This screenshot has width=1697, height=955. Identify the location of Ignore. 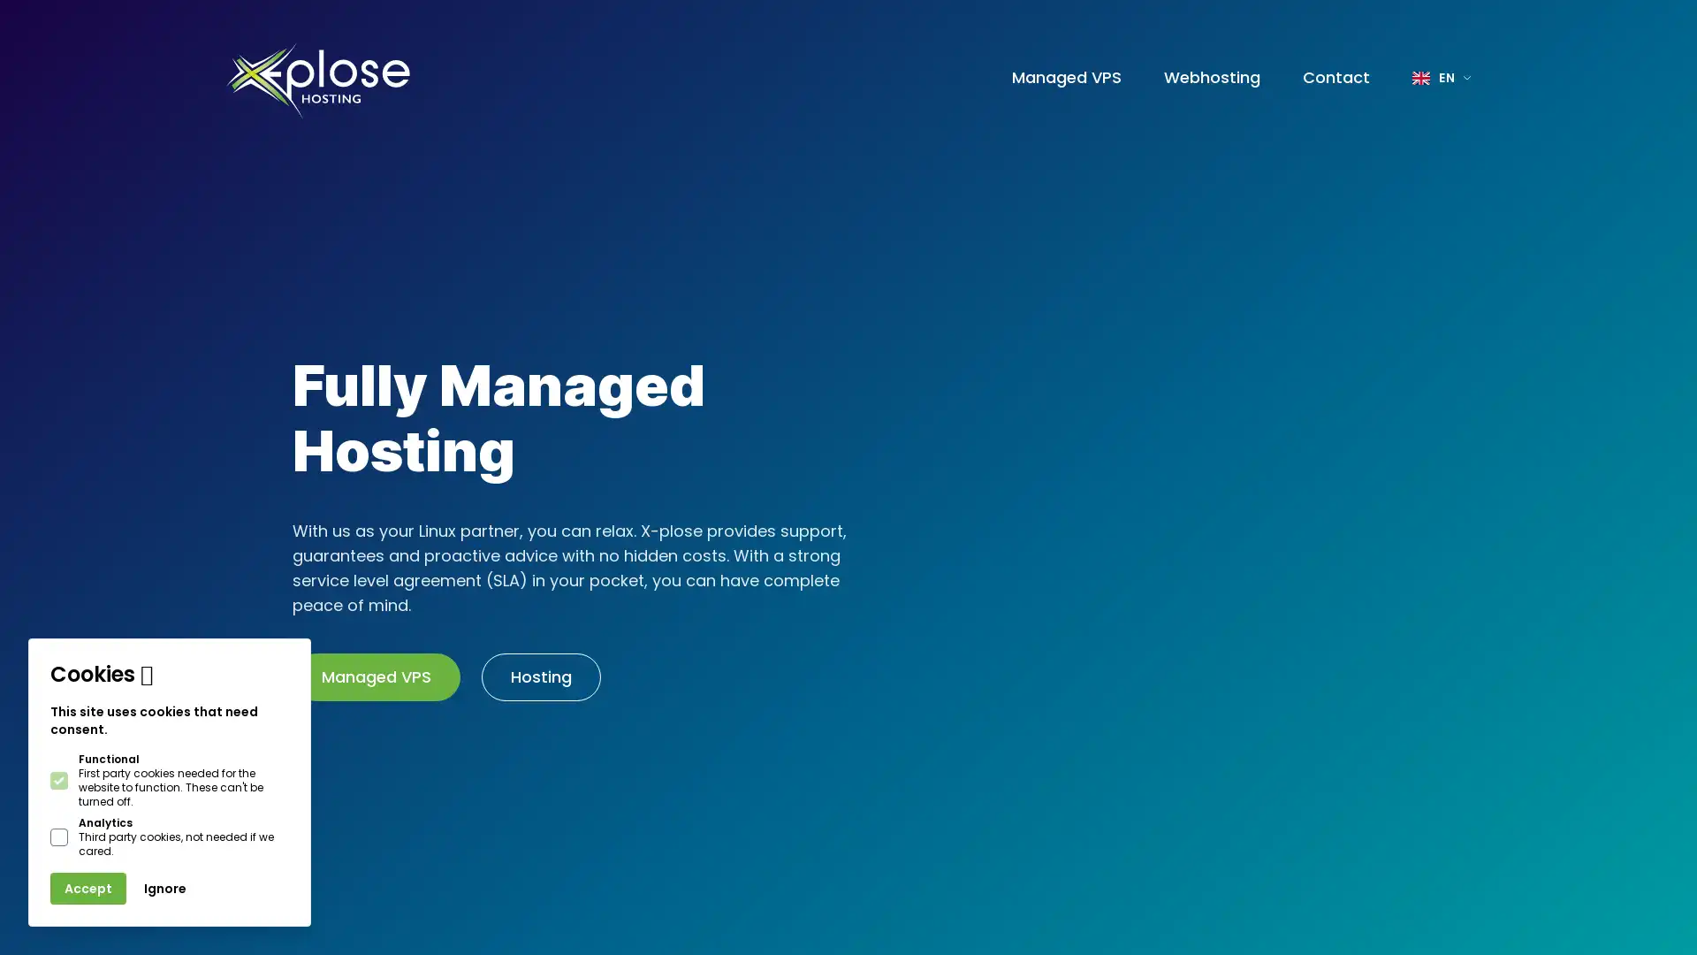
(165, 889).